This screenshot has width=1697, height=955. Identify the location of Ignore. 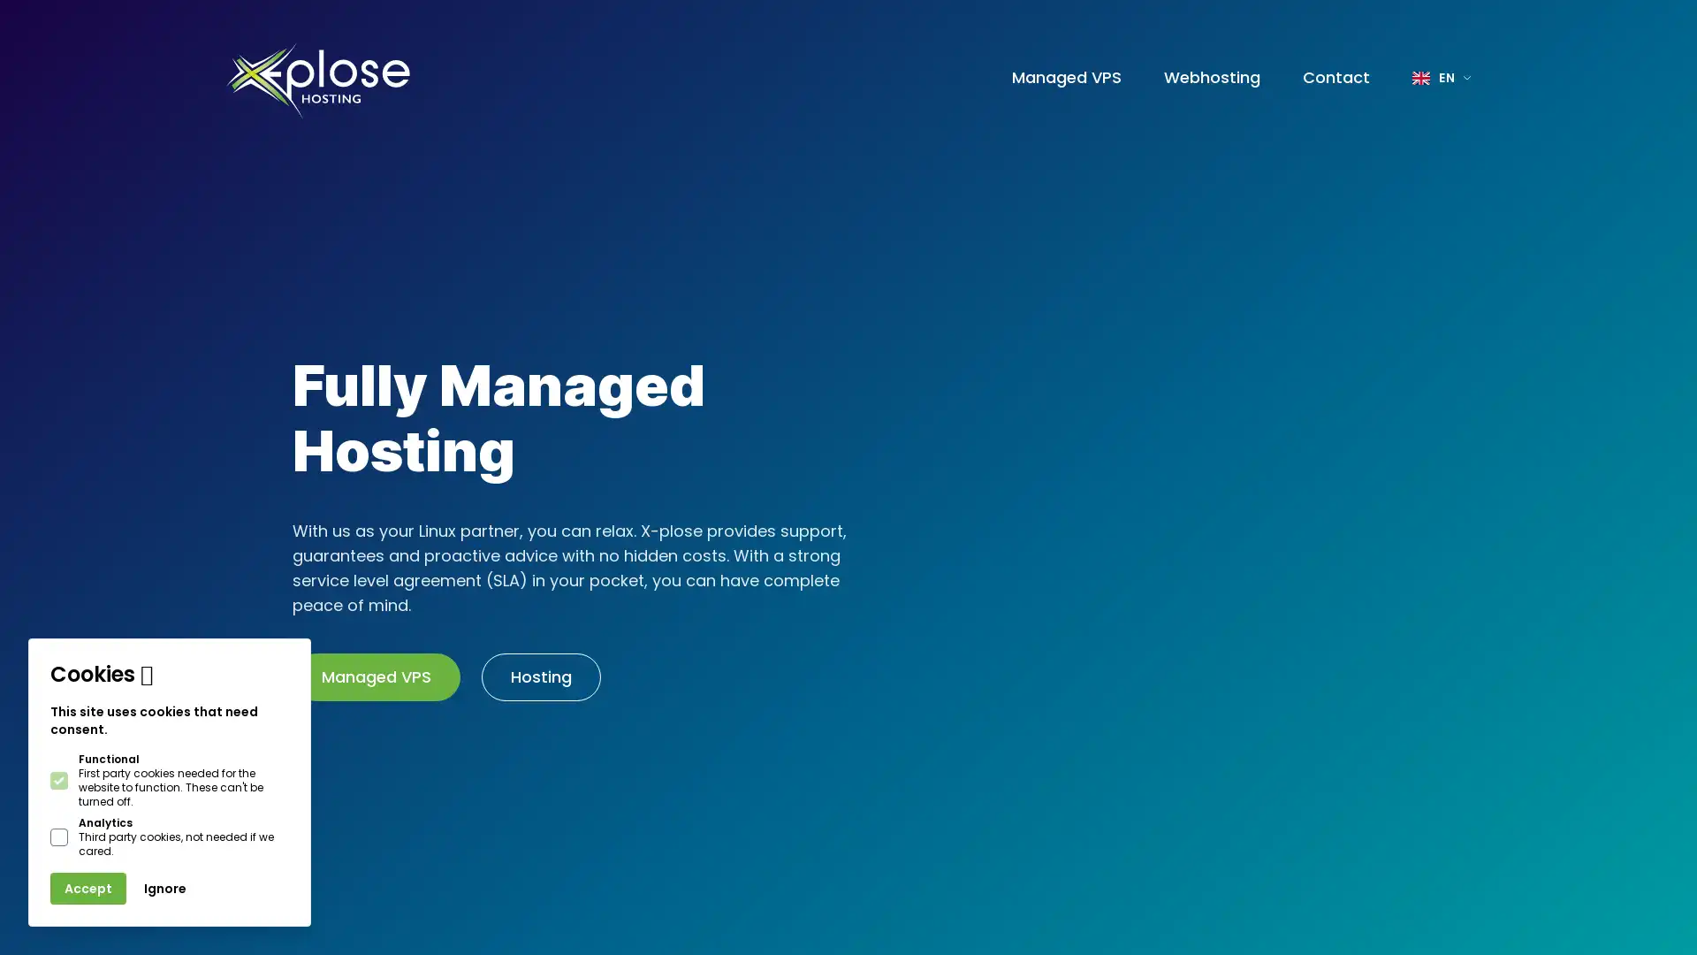
(165, 889).